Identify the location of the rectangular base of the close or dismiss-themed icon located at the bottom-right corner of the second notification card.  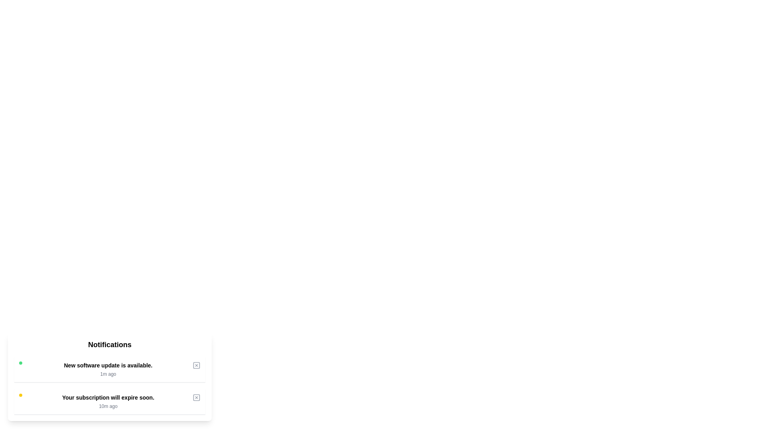
(197, 398).